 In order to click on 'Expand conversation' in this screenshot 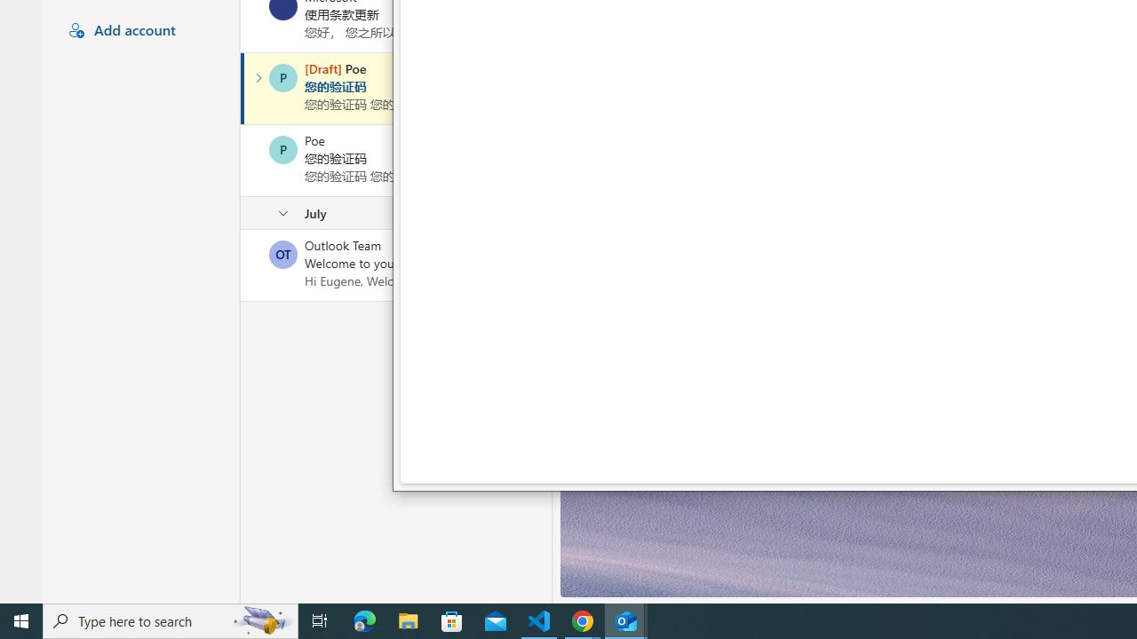, I will do `click(258, 77)`.